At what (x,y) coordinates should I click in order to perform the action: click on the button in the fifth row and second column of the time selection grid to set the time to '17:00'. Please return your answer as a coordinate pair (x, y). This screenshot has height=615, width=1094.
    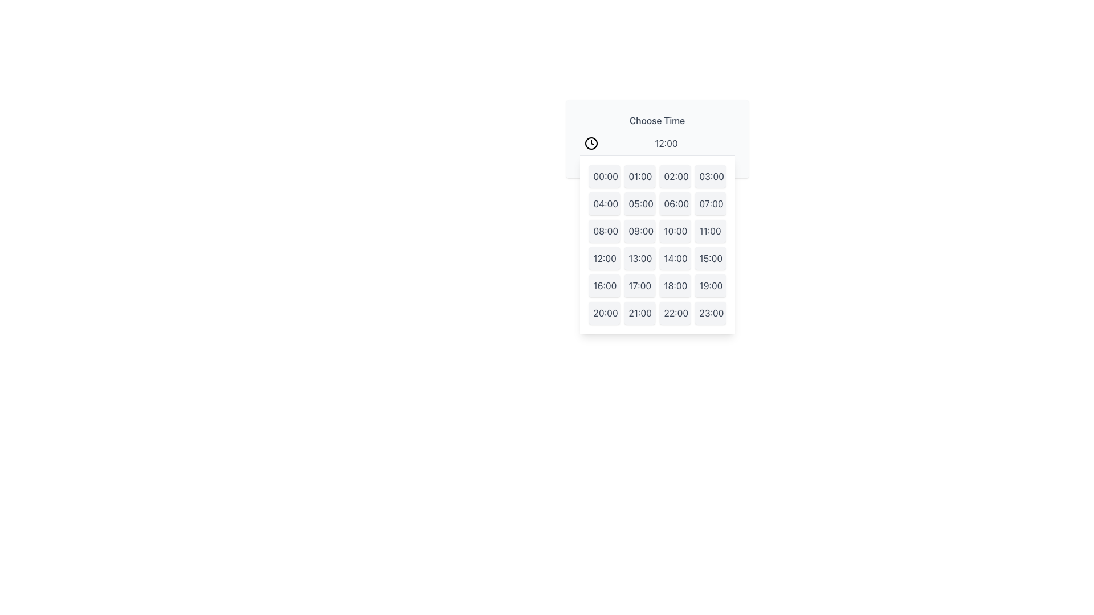
    Looking at the image, I should click on (639, 285).